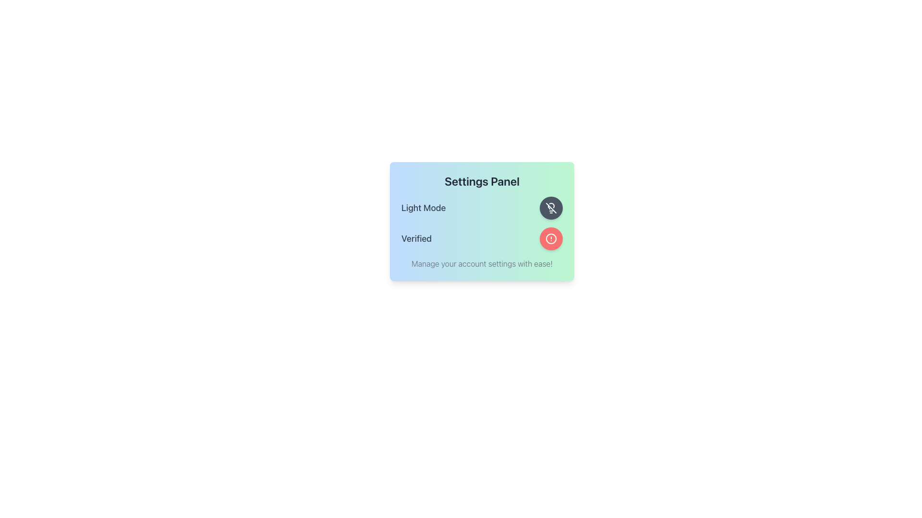 The height and width of the screenshot is (518, 922). I want to click on the non-interactive text label displaying 'Verified' located on the left side of a red interactive button, so click(416, 238).